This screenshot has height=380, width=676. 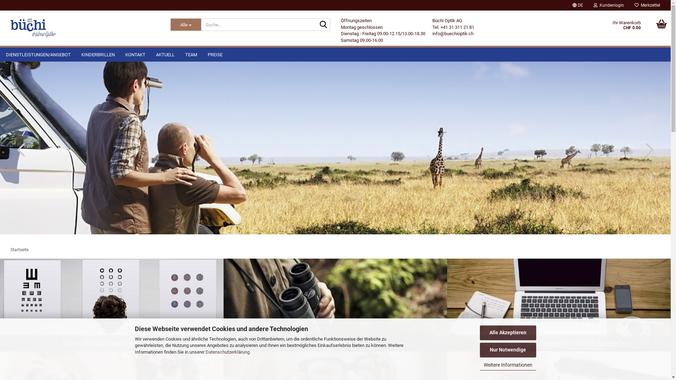 I want to click on 'TEAM', so click(x=191, y=54).